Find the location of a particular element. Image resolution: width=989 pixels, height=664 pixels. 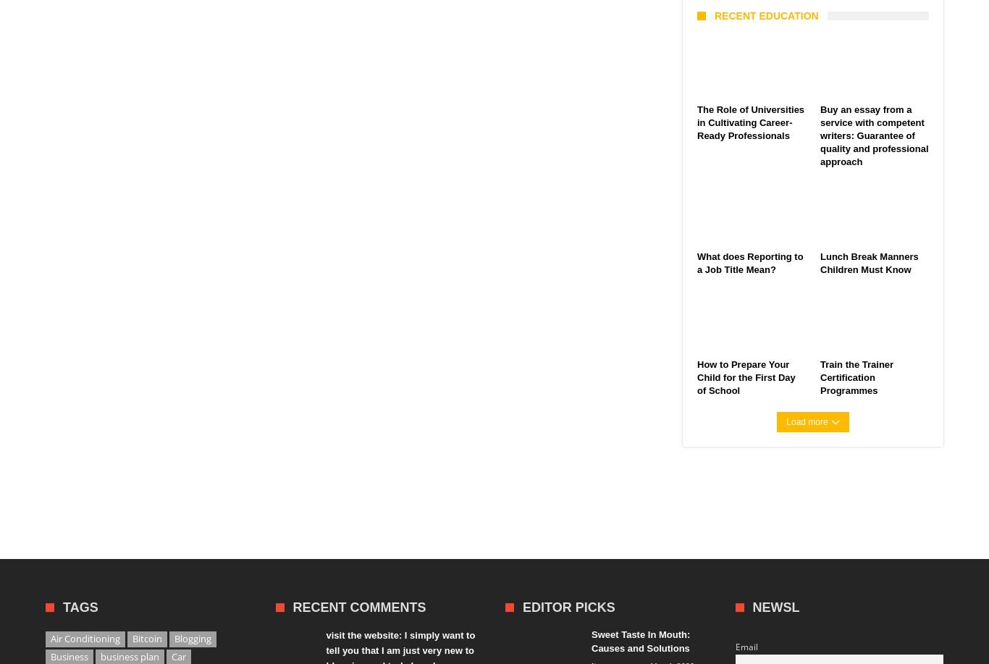

'Tags' is located at coordinates (80, 607).